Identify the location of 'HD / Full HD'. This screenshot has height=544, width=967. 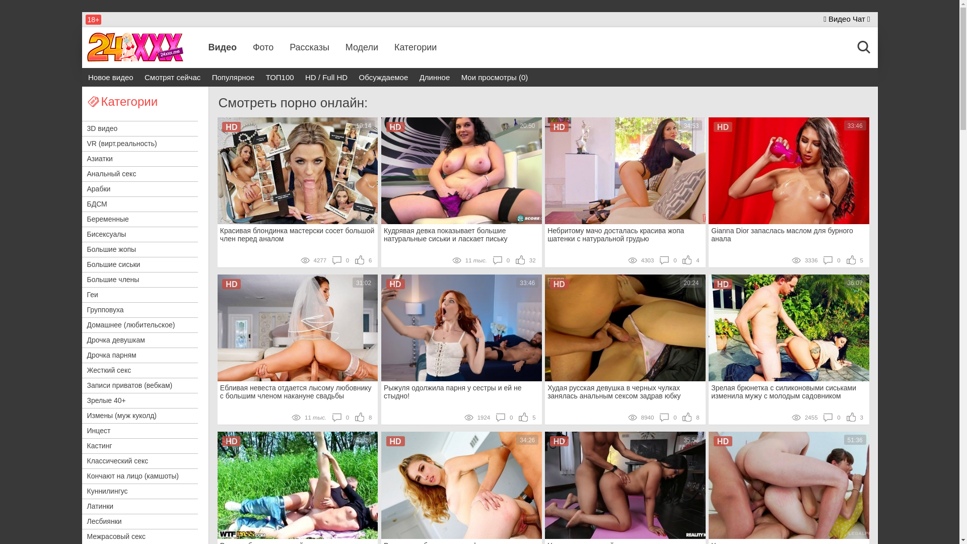
(326, 77).